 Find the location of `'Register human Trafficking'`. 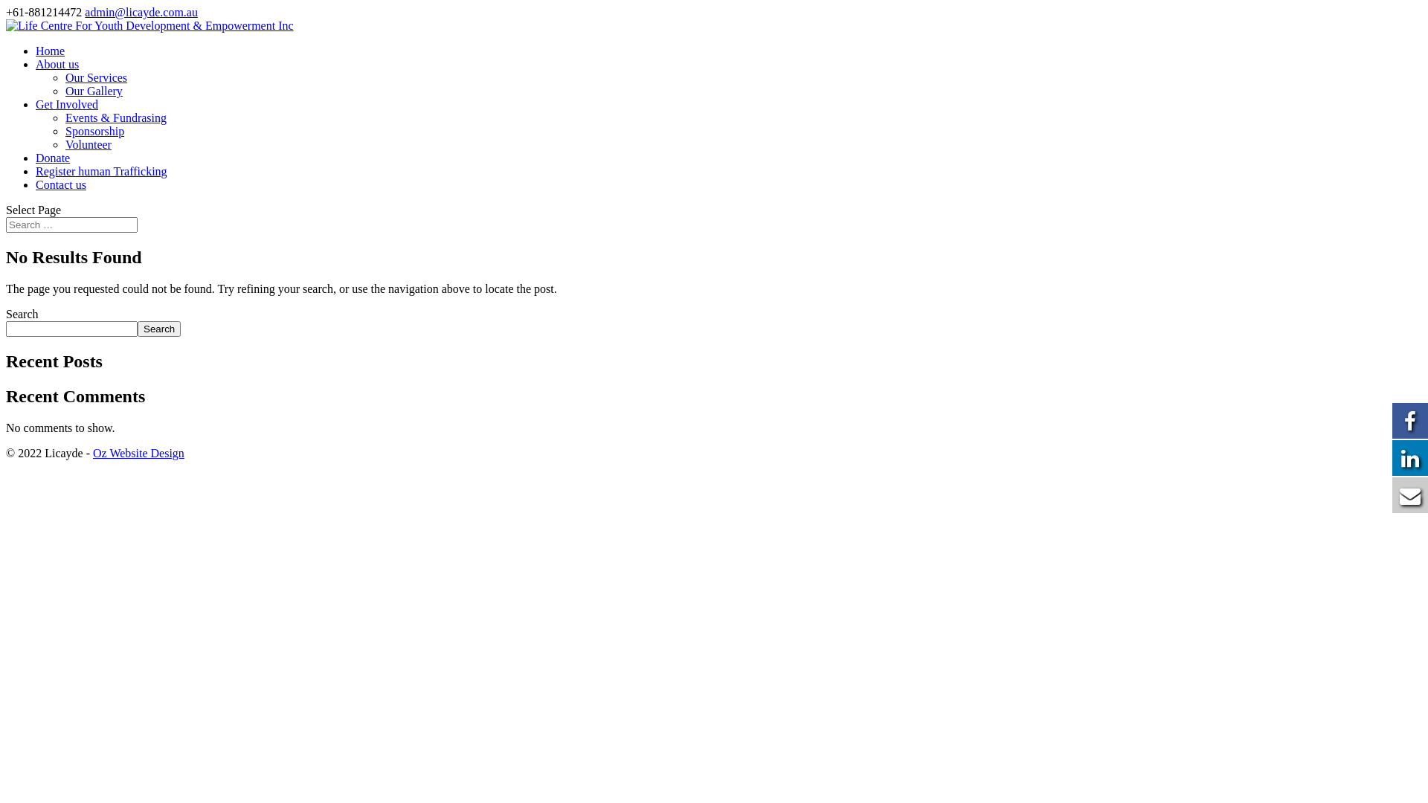

'Register human Trafficking' is located at coordinates (100, 170).